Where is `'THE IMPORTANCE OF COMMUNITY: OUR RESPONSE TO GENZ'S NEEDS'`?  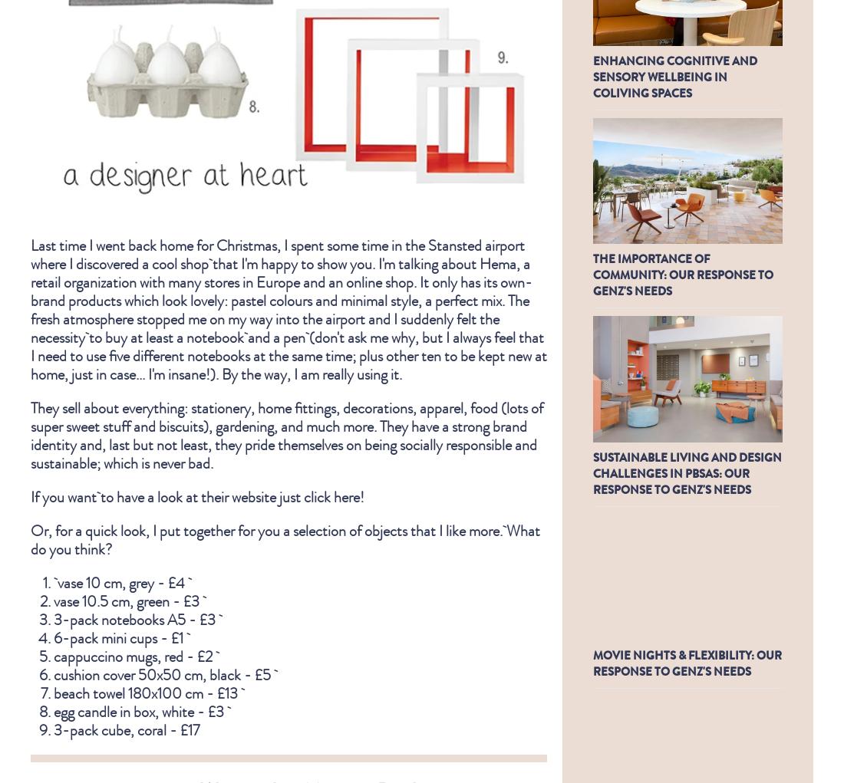
'THE IMPORTANCE OF COMMUNITY: OUR RESPONSE TO GENZ'S NEEDS' is located at coordinates (682, 275).